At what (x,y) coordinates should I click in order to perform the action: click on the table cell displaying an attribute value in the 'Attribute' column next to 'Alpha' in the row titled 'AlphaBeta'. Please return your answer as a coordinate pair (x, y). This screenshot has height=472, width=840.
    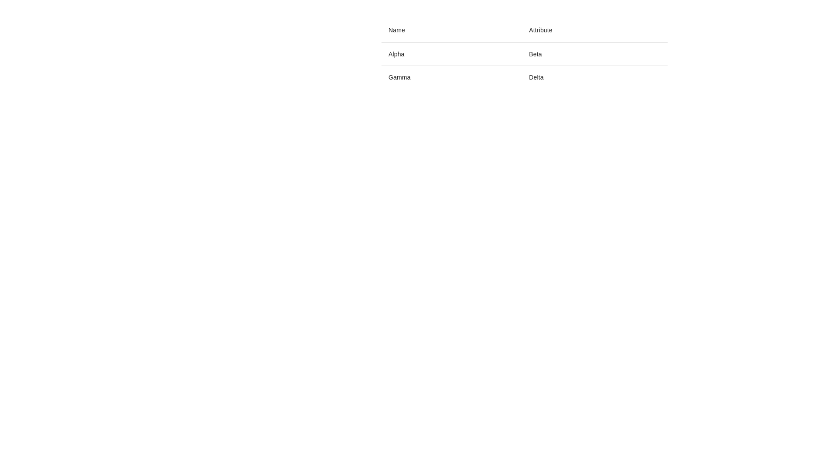
    Looking at the image, I should click on (595, 54).